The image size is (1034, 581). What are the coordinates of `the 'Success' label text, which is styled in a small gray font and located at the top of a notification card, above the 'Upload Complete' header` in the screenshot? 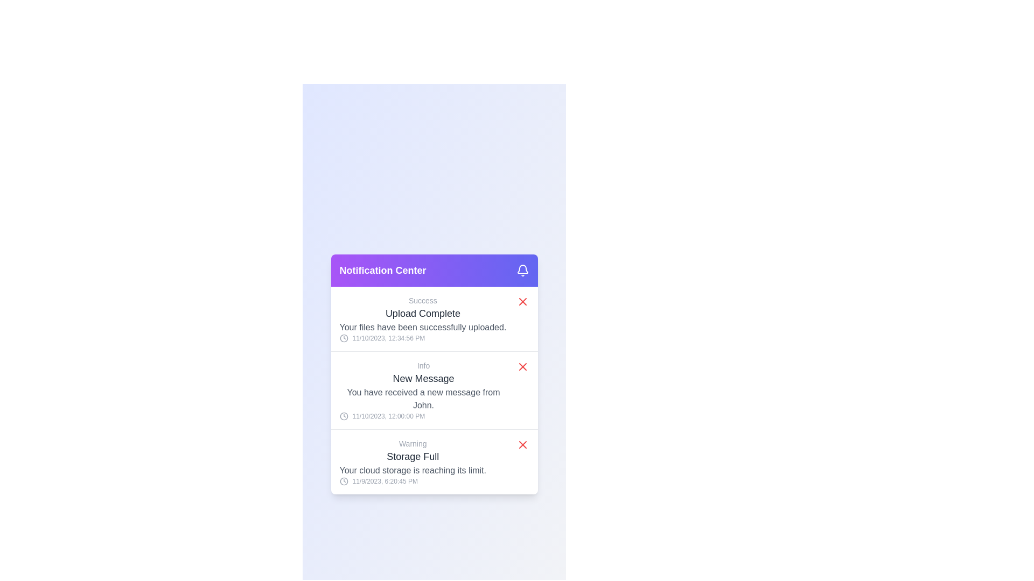 It's located at (422, 301).